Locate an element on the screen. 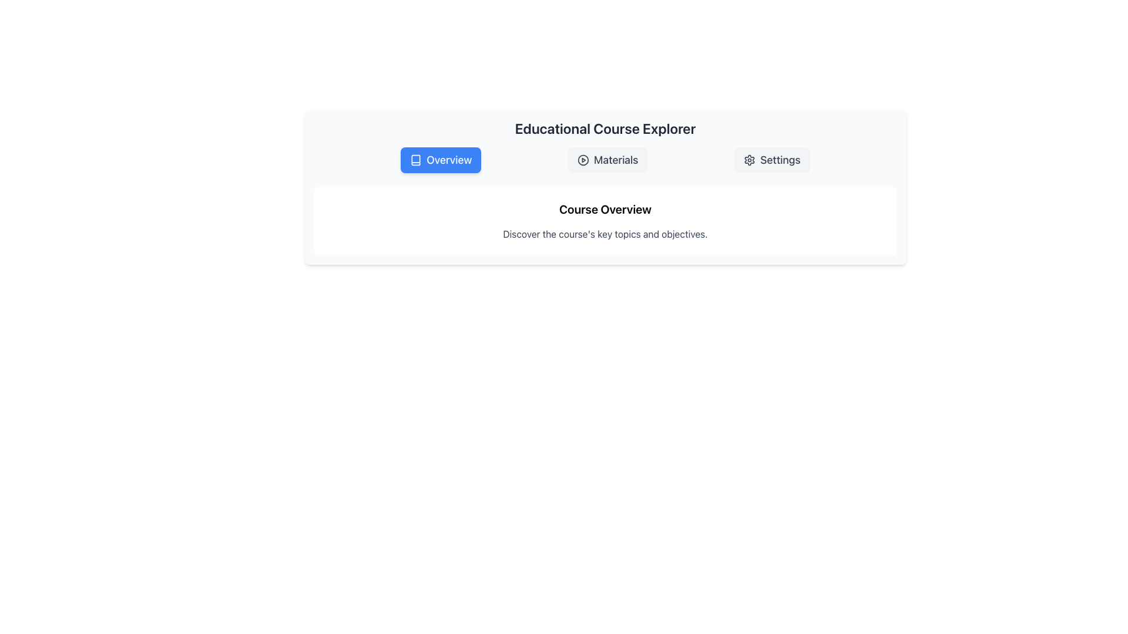 The height and width of the screenshot is (634, 1128). the 'Course Overview' text label, which is styled in bold and larger font, located centrally above the smaller descriptive text in a light-colored section of the interface is located at coordinates (605, 209).